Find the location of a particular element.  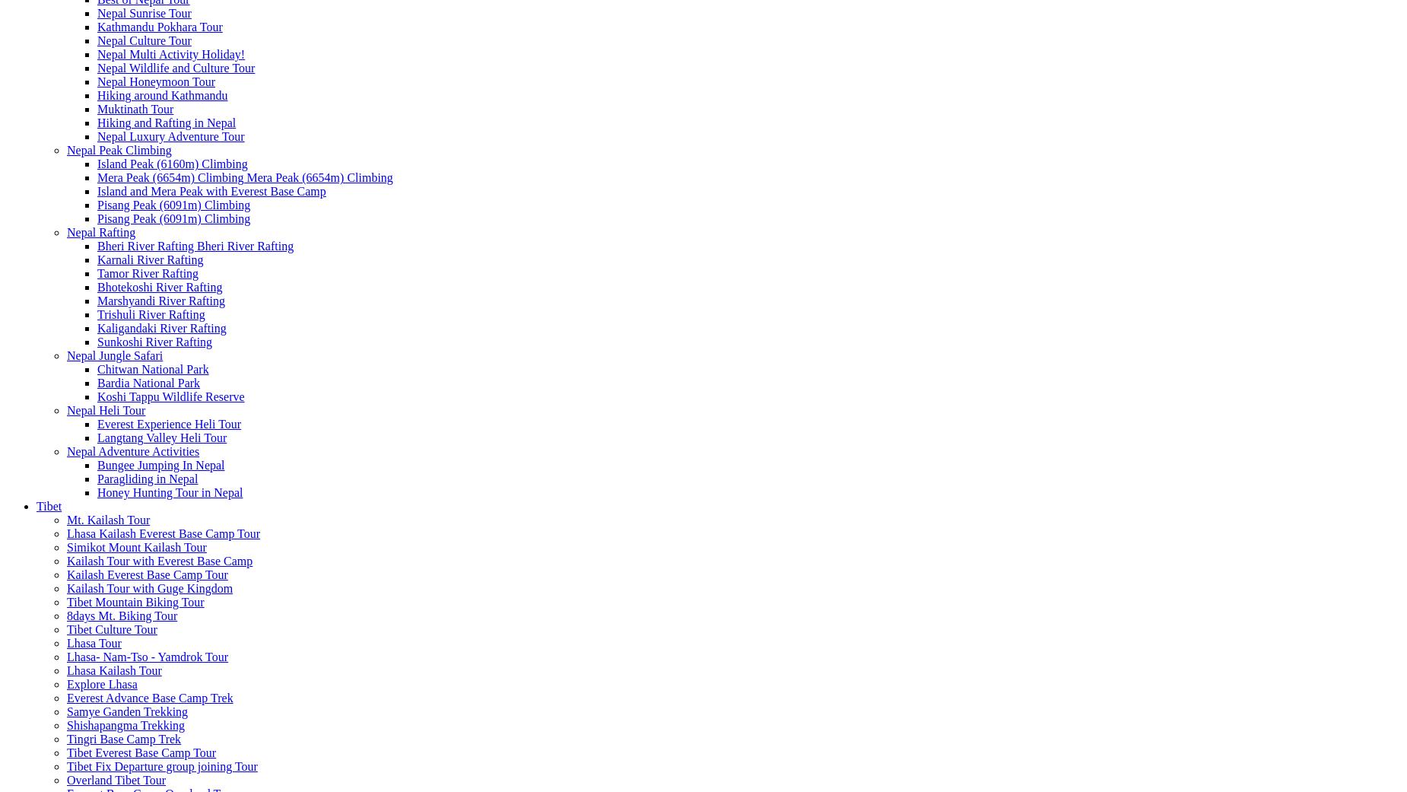

'Explore Lhasa' is located at coordinates (66, 683).